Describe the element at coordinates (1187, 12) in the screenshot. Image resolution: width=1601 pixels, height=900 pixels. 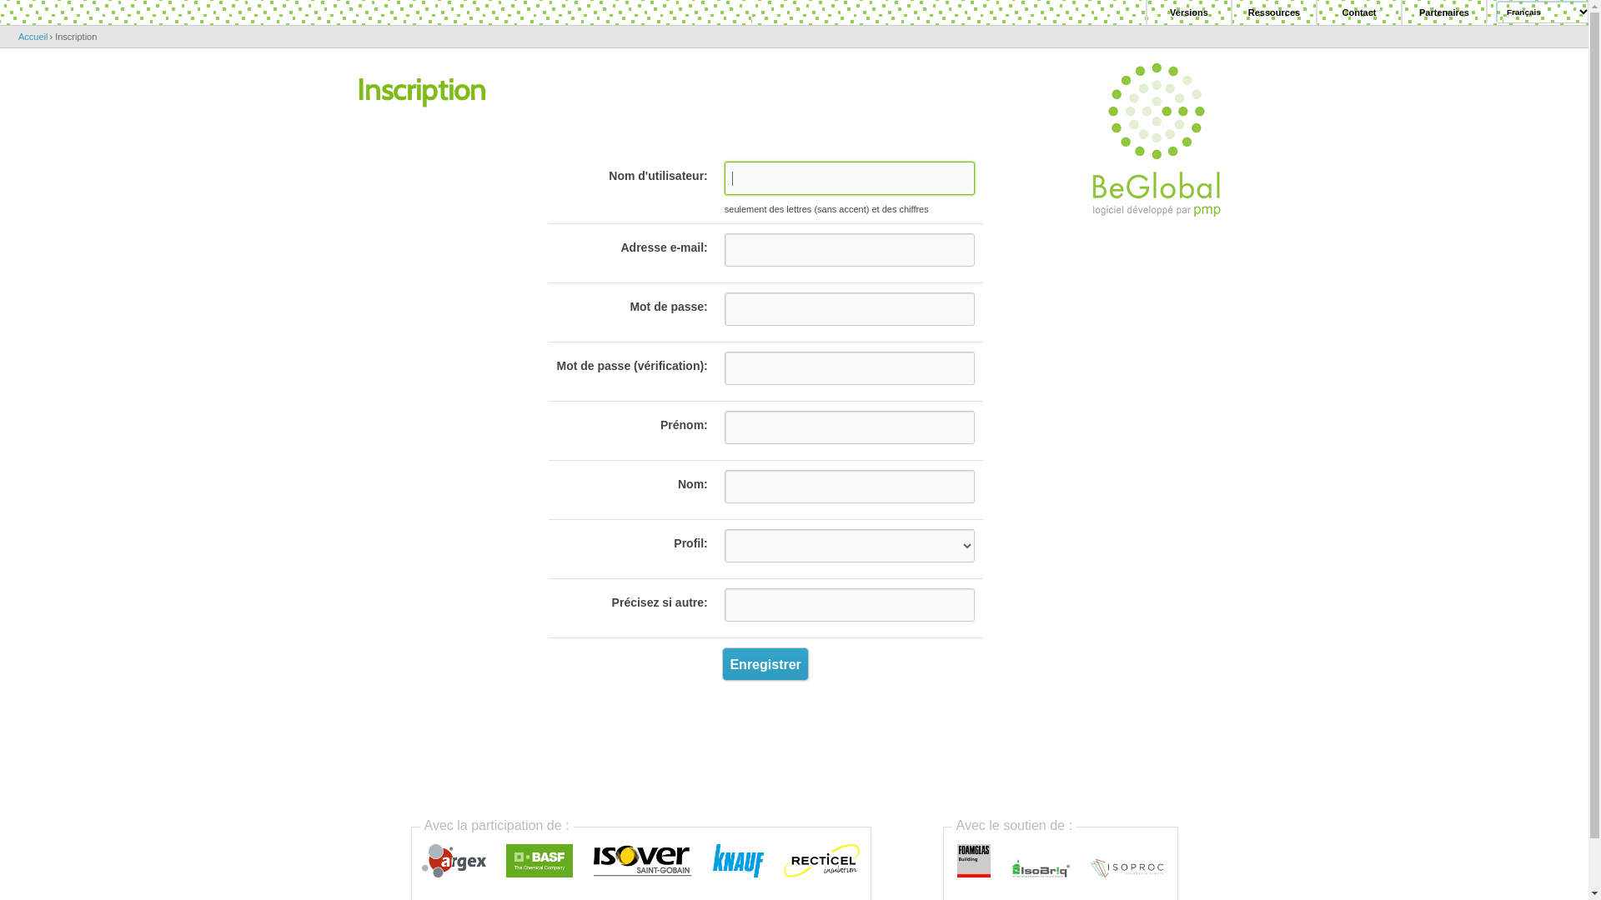
I see `'Versions'` at that location.